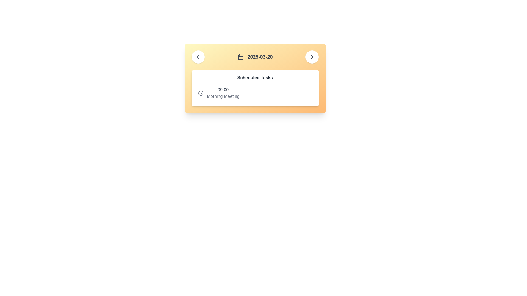 The height and width of the screenshot is (296, 527). I want to click on the circular button with a white background and a left-chevron icon, so click(198, 57).